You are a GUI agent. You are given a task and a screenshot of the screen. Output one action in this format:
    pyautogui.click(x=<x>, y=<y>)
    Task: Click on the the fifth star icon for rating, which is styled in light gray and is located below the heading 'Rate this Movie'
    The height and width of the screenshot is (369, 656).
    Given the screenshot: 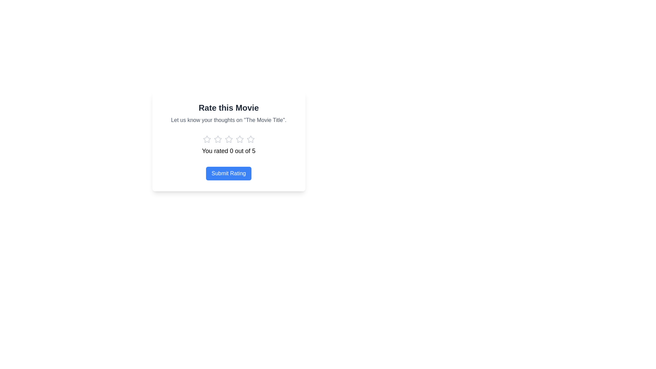 What is the action you would take?
    pyautogui.click(x=250, y=139)
    